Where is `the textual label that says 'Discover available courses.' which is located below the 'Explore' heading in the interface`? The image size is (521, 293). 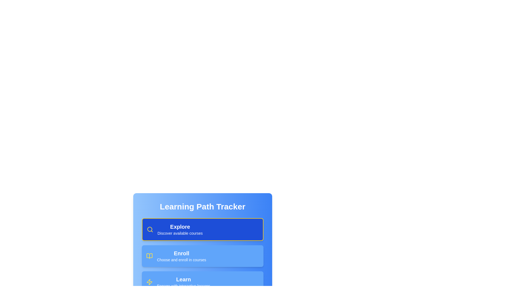 the textual label that says 'Discover available courses.' which is located below the 'Explore' heading in the interface is located at coordinates (180, 233).